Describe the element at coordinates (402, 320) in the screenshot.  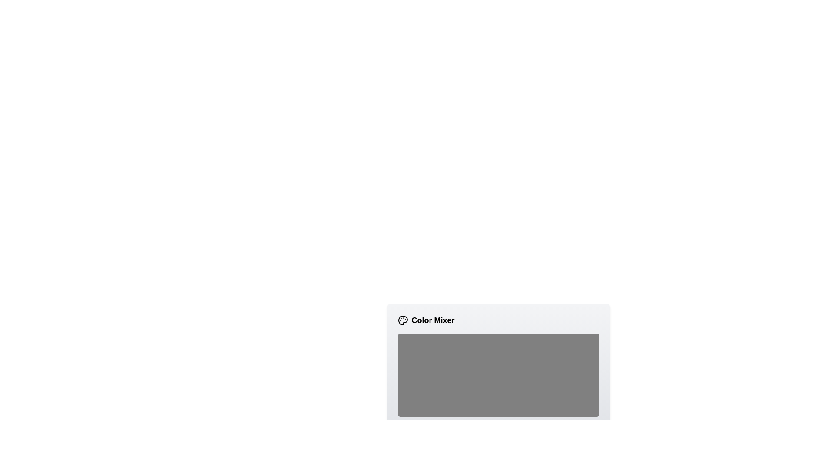
I see `the color palette icon located in the top left corner of the 'Color Mixer' section` at that location.